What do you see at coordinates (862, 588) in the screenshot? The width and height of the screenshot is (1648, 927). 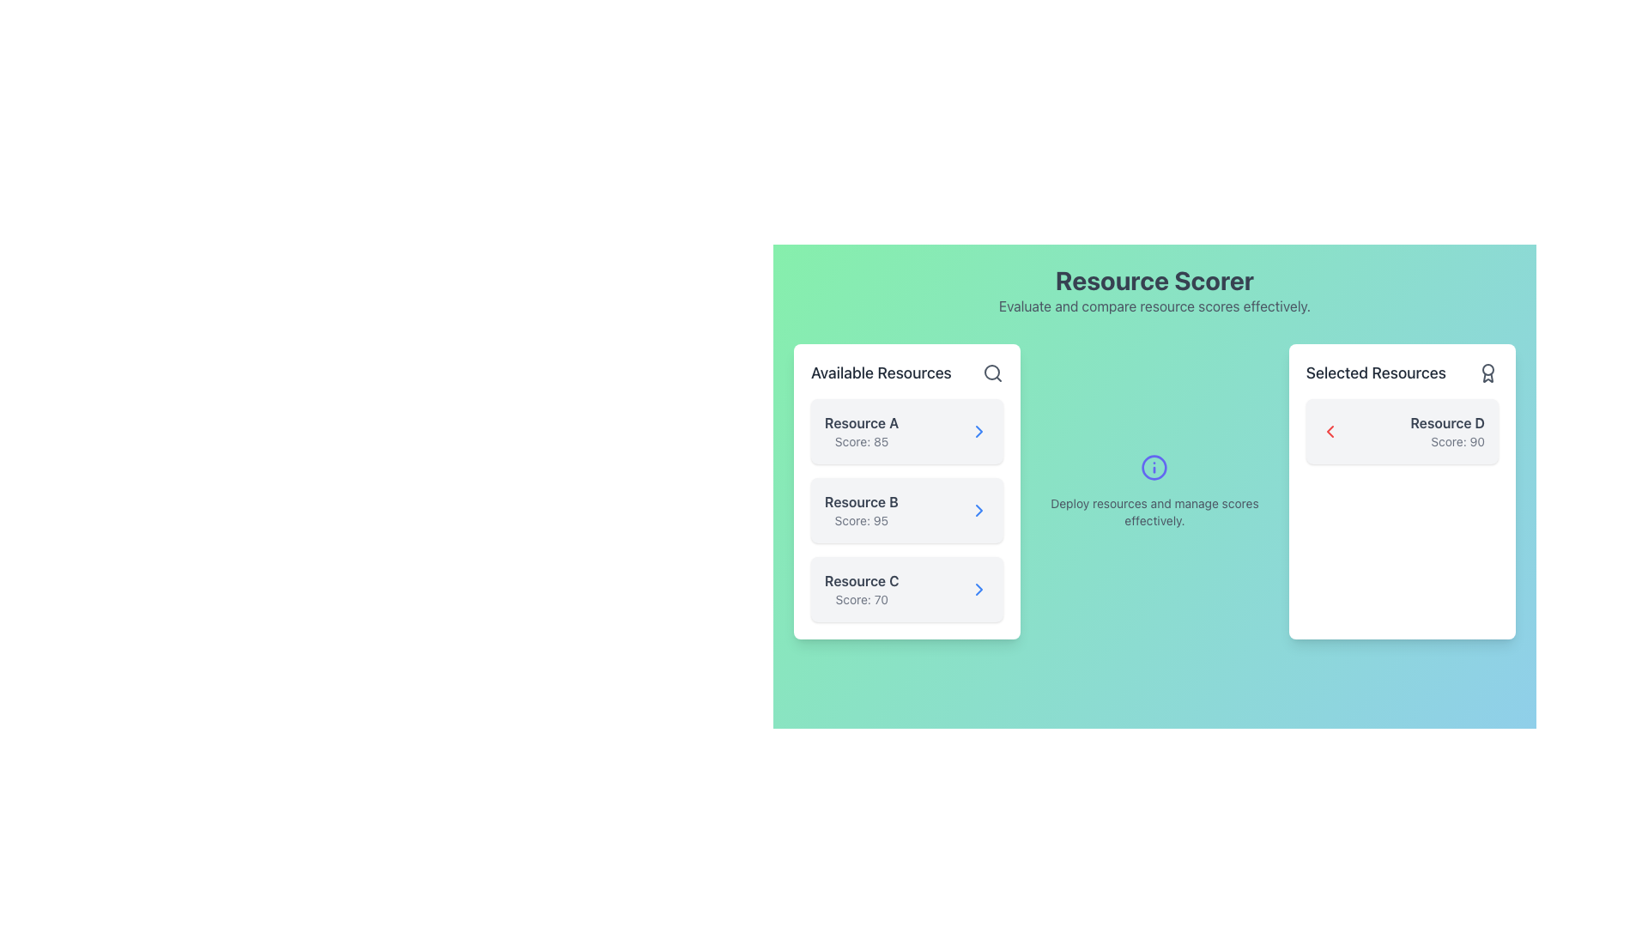 I see `the Text Display containing 'Resource C' and 'Score: 70' located in the lower section of the third card under the 'Available Resources' panel` at bounding box center [862, 588].